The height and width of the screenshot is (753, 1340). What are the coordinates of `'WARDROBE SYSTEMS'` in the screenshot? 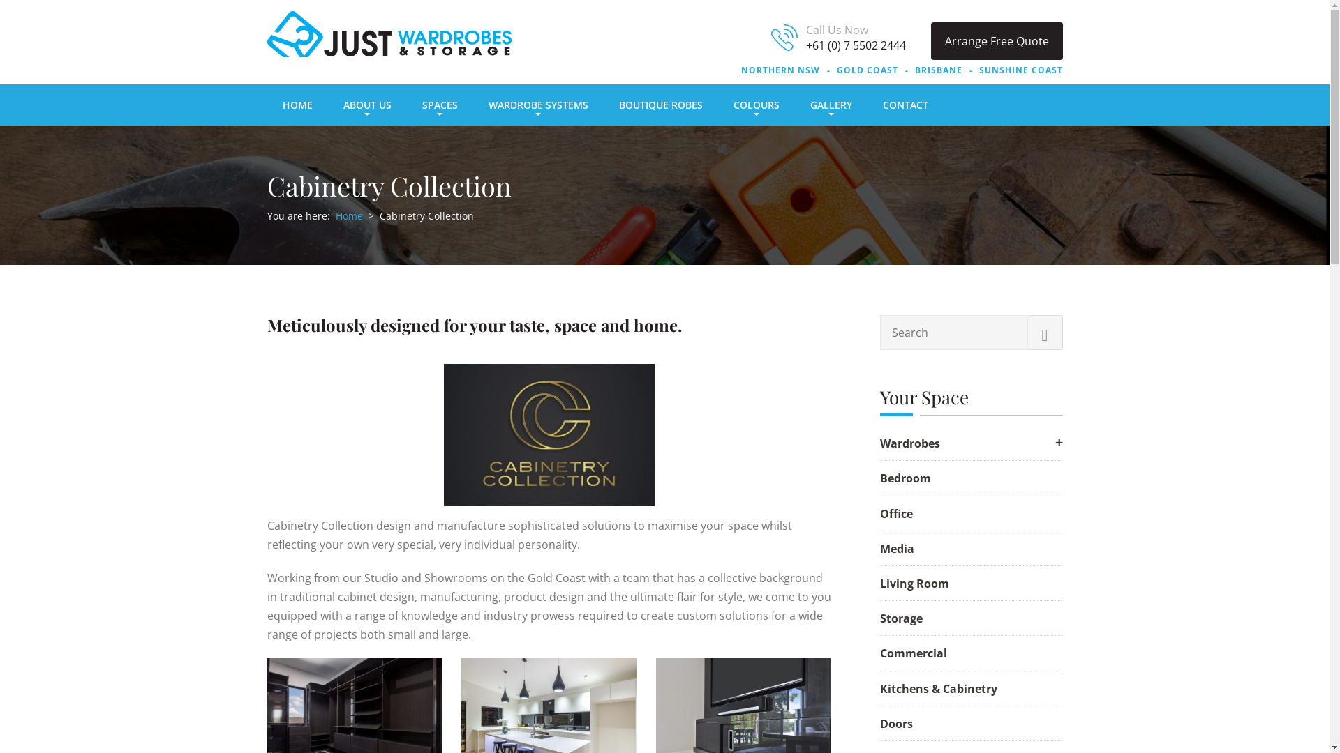 It's located at (472, 104).